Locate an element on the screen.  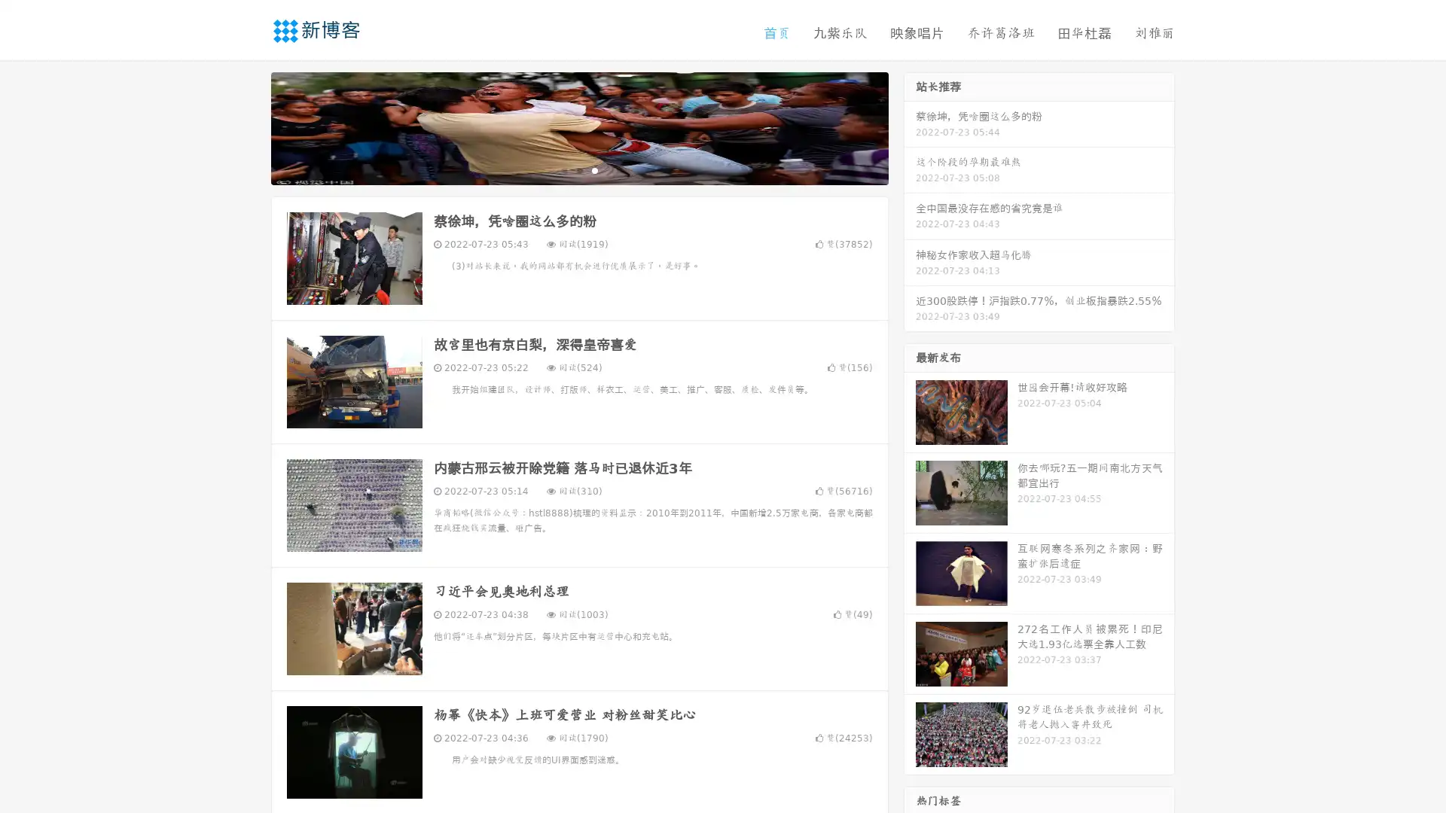
Go to slide 2 is located at coordinates (578, 169).